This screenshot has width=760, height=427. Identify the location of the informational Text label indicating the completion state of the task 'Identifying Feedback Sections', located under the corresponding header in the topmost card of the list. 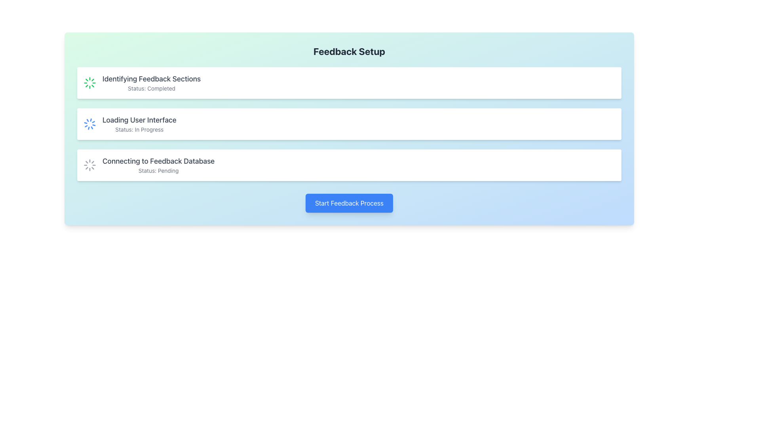
(152, 88).